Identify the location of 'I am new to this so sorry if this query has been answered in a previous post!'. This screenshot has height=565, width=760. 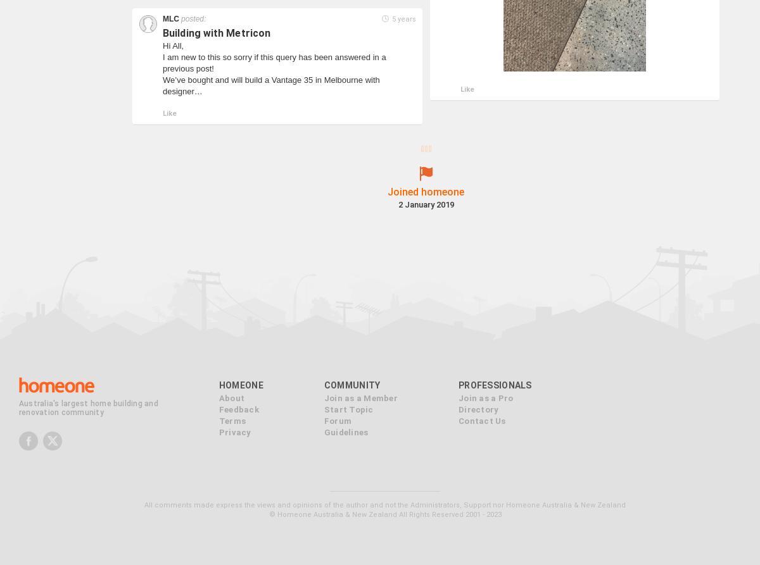
(274, 62).